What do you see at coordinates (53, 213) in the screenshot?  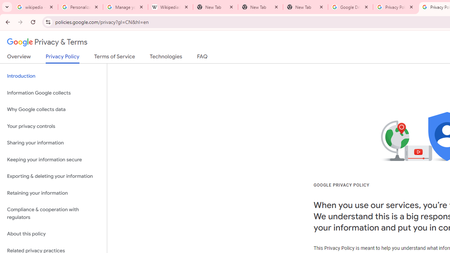 I see `'Compliance & cooperation with regulators'` at bounding box center [53, 213].